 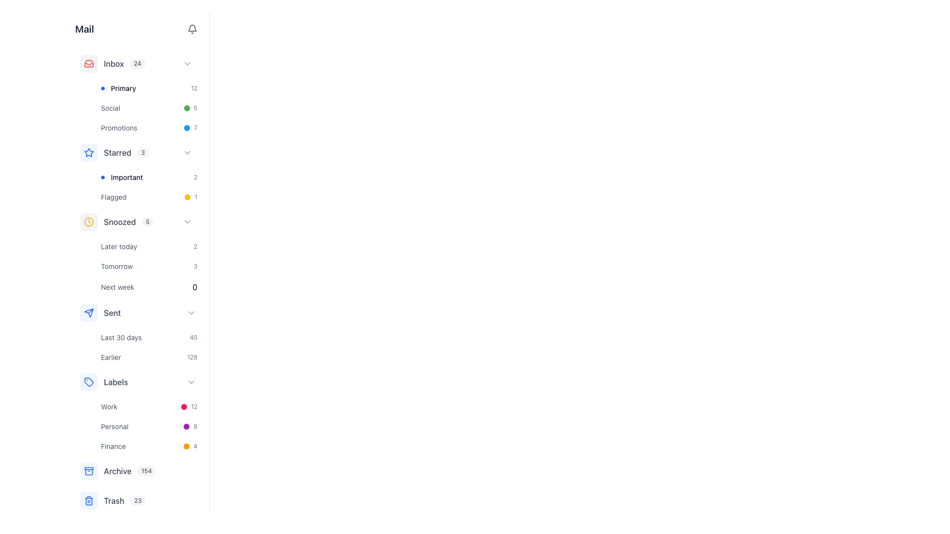 What do you see at coordinates (89, 221) in the screenshot?
I see `the 'Snoozed' icon located on the sidebar, which is positioned to the left of the 'Snoozed' label` at bounding box center [89, 221].